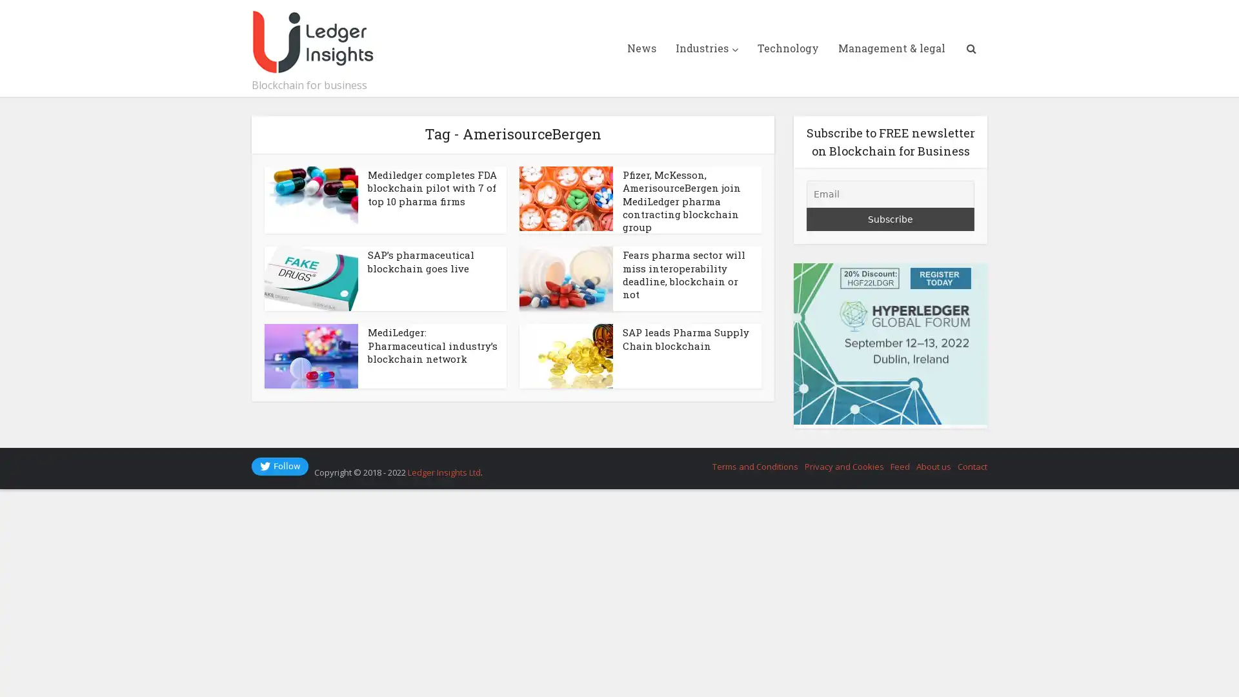  Describe the element at coordinates (890, 218) in the screenshot. I see `Subscribe` at that location.